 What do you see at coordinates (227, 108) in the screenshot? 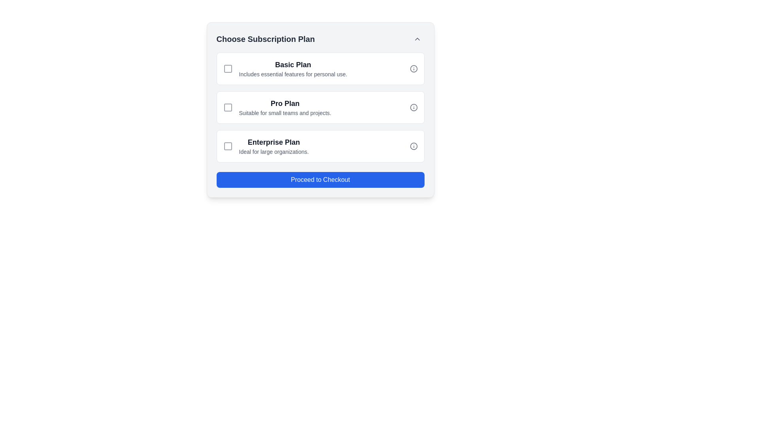
I see `the unselected checkbox for the 'Pro Plan' subscription option to provide interaction feedback` at bounding box center [227, 108].